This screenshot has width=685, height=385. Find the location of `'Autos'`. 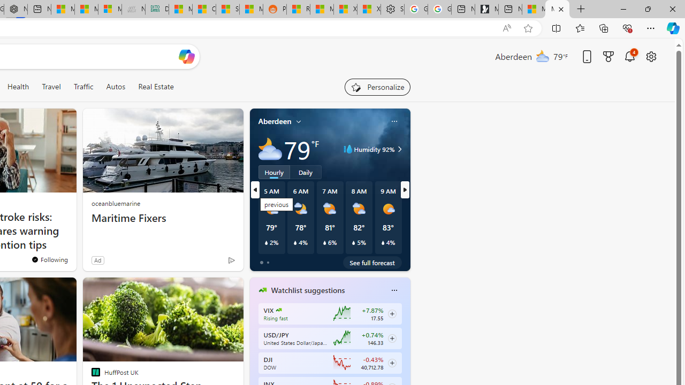

'Autos' is located at coordinates (116, 86).